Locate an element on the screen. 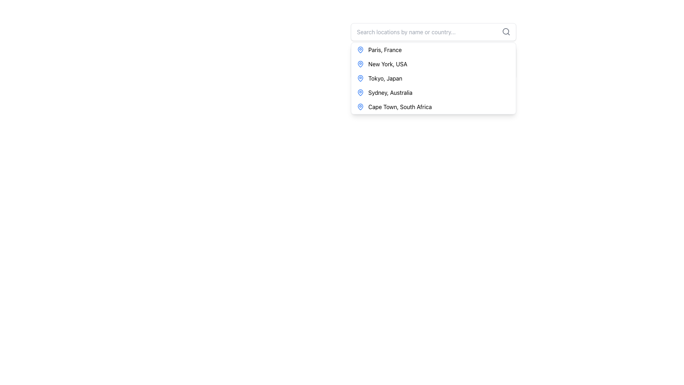 Image resolution: width=684 pixels, height=385 pixels. the blue pin icon located to the left of the text 'Paris, France' in the vertical list of location options is located at coordinates (361, 49).